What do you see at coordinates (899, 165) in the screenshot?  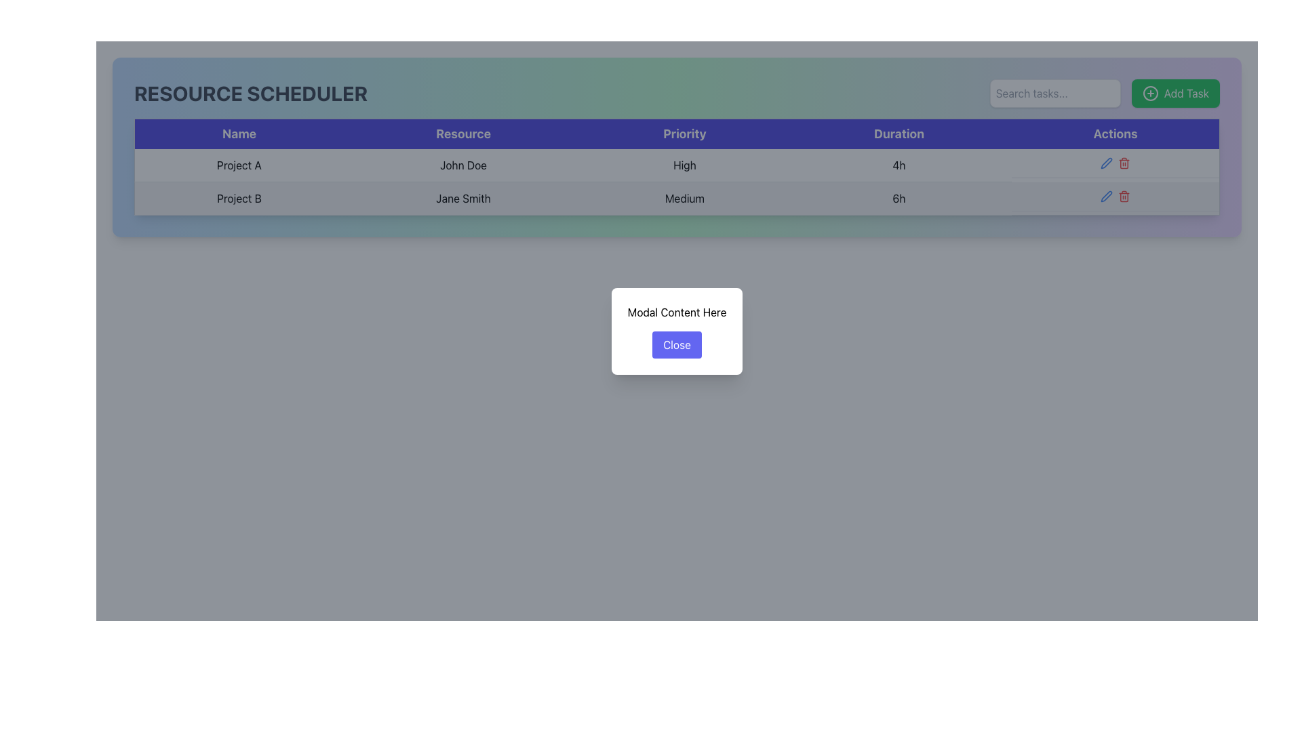 I see `the static text displaying '4 hours' in the fourth column of the first row under the 'Duration' heading in the table` at bounding box center [899, 165].